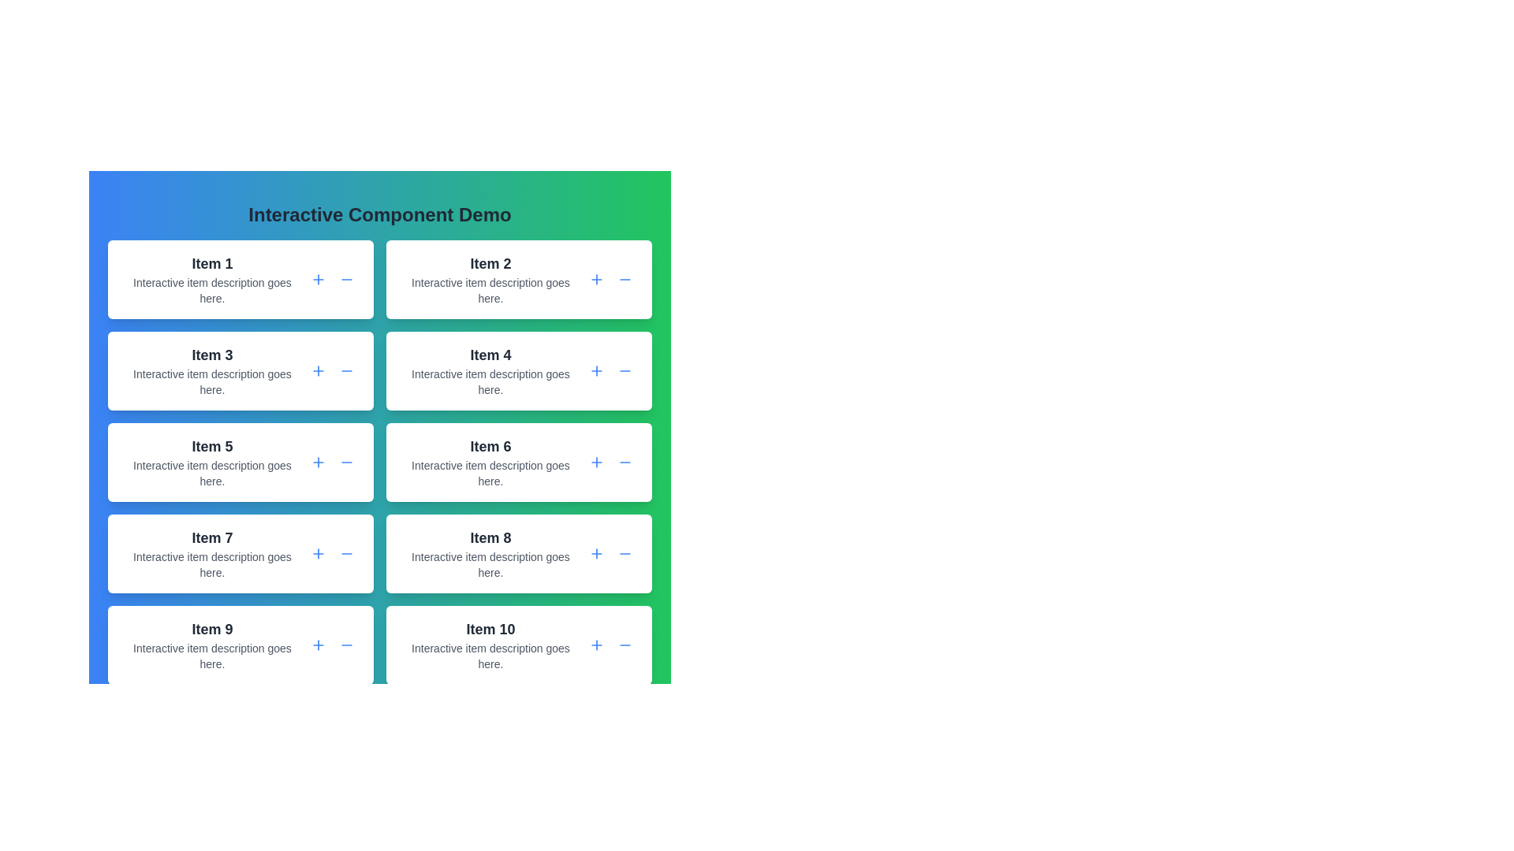 The height and width of the screenshot is (851, 1514). Describe the element at coordinates (211, 461) in the screenshot. I see `the textual display component that shows the title 'Item 5' and subtitle 'Interactive item description goes here.' located in the fifth row of the grid layout` at that location.